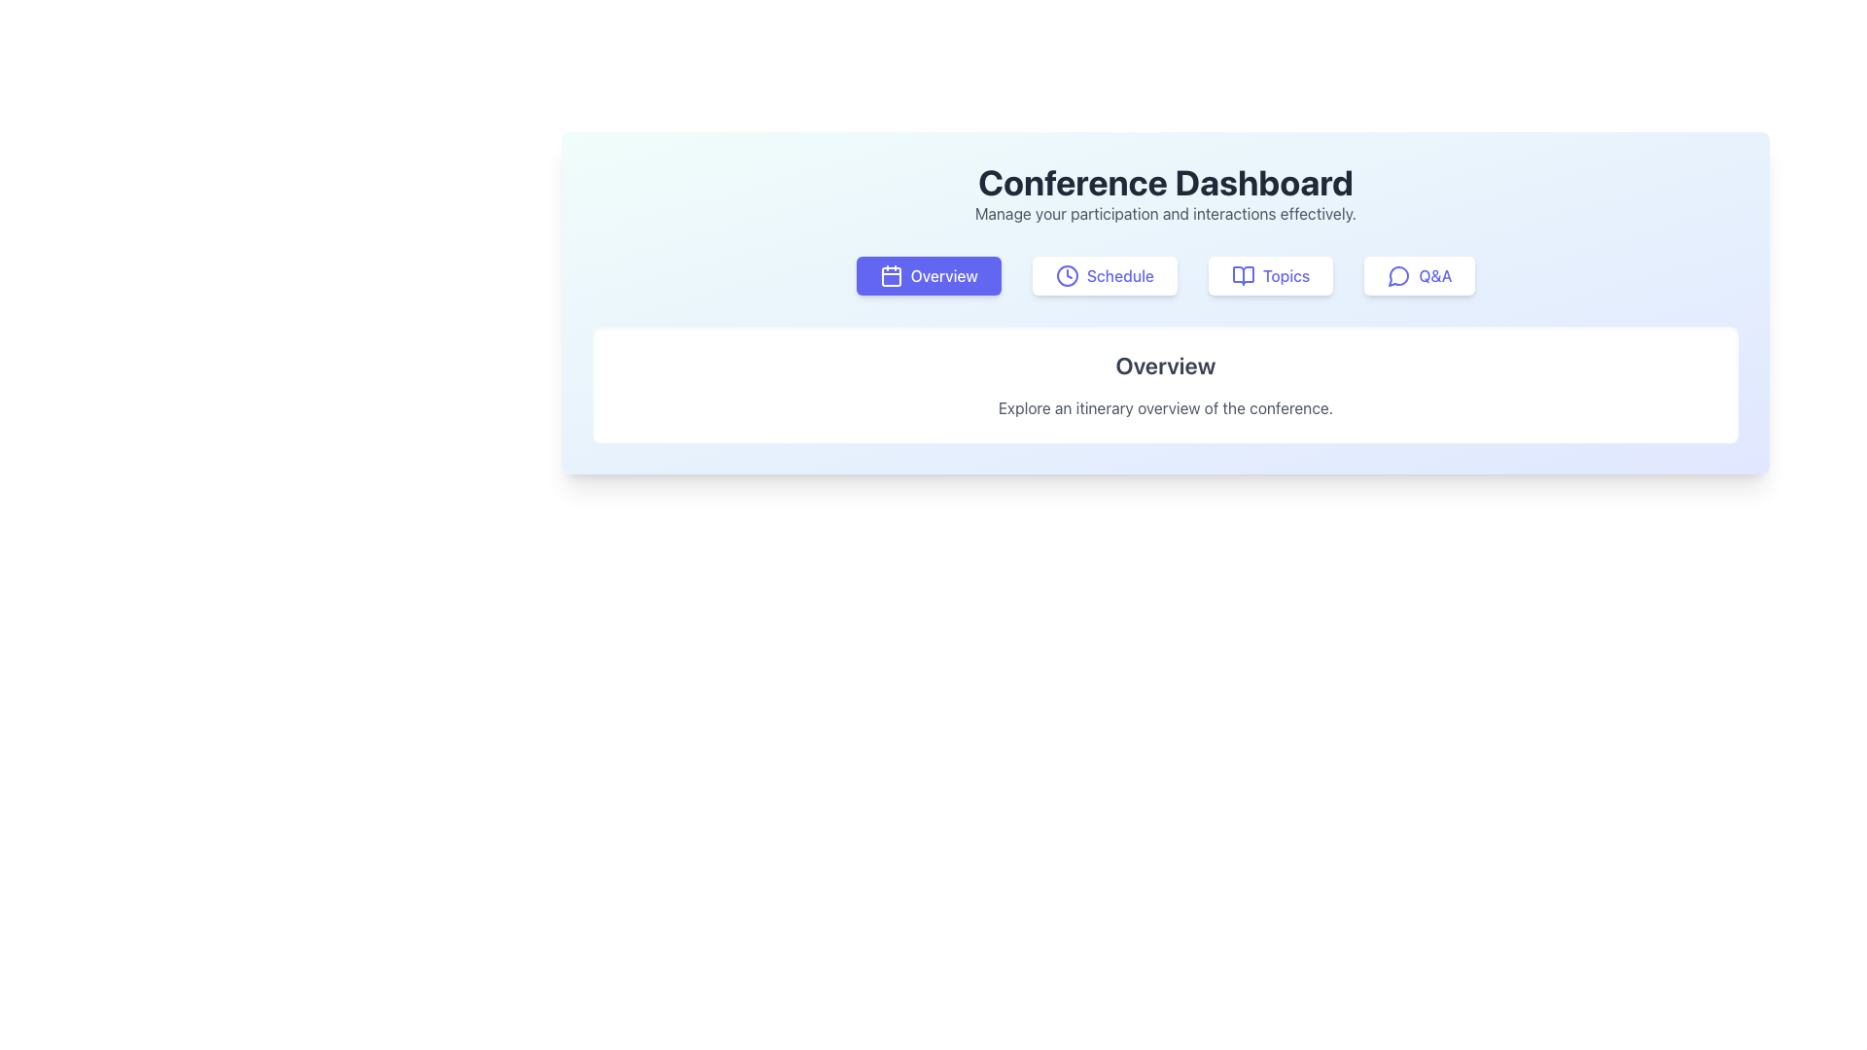 The height and width of the screenshot is (1050, 1867). I want to click on the SVG vector graphic component forming the rounded rectangle in the calendar icon of the 'Overview' button, which enhances the recognizability of the button's purpose related to event or schedule overview, so click(890, 277).